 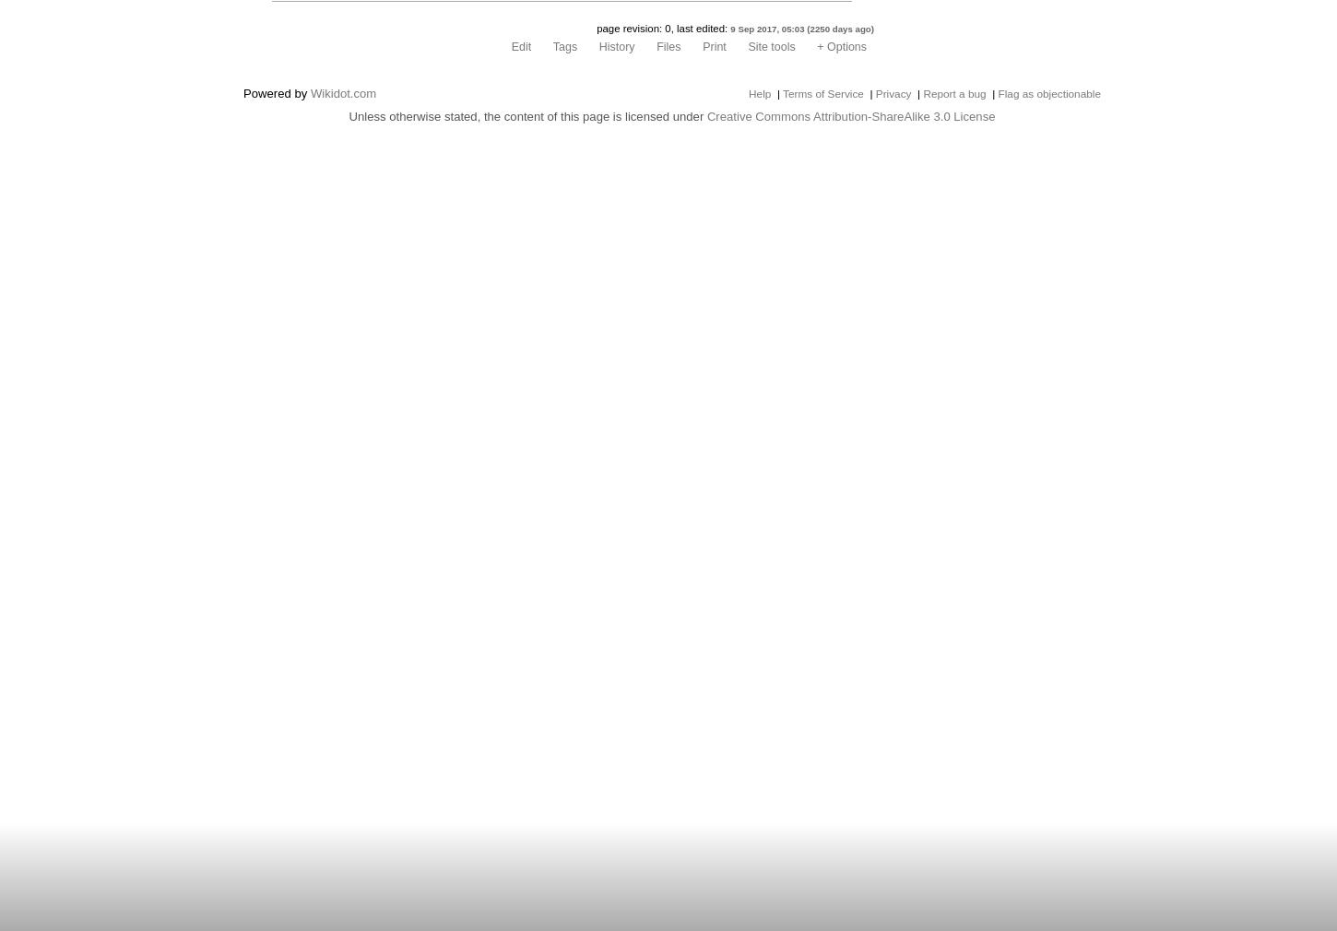 I want to click on 'Creative Commons Attribution-ShareAlike 3.0 License', so click(x=849, y=115).